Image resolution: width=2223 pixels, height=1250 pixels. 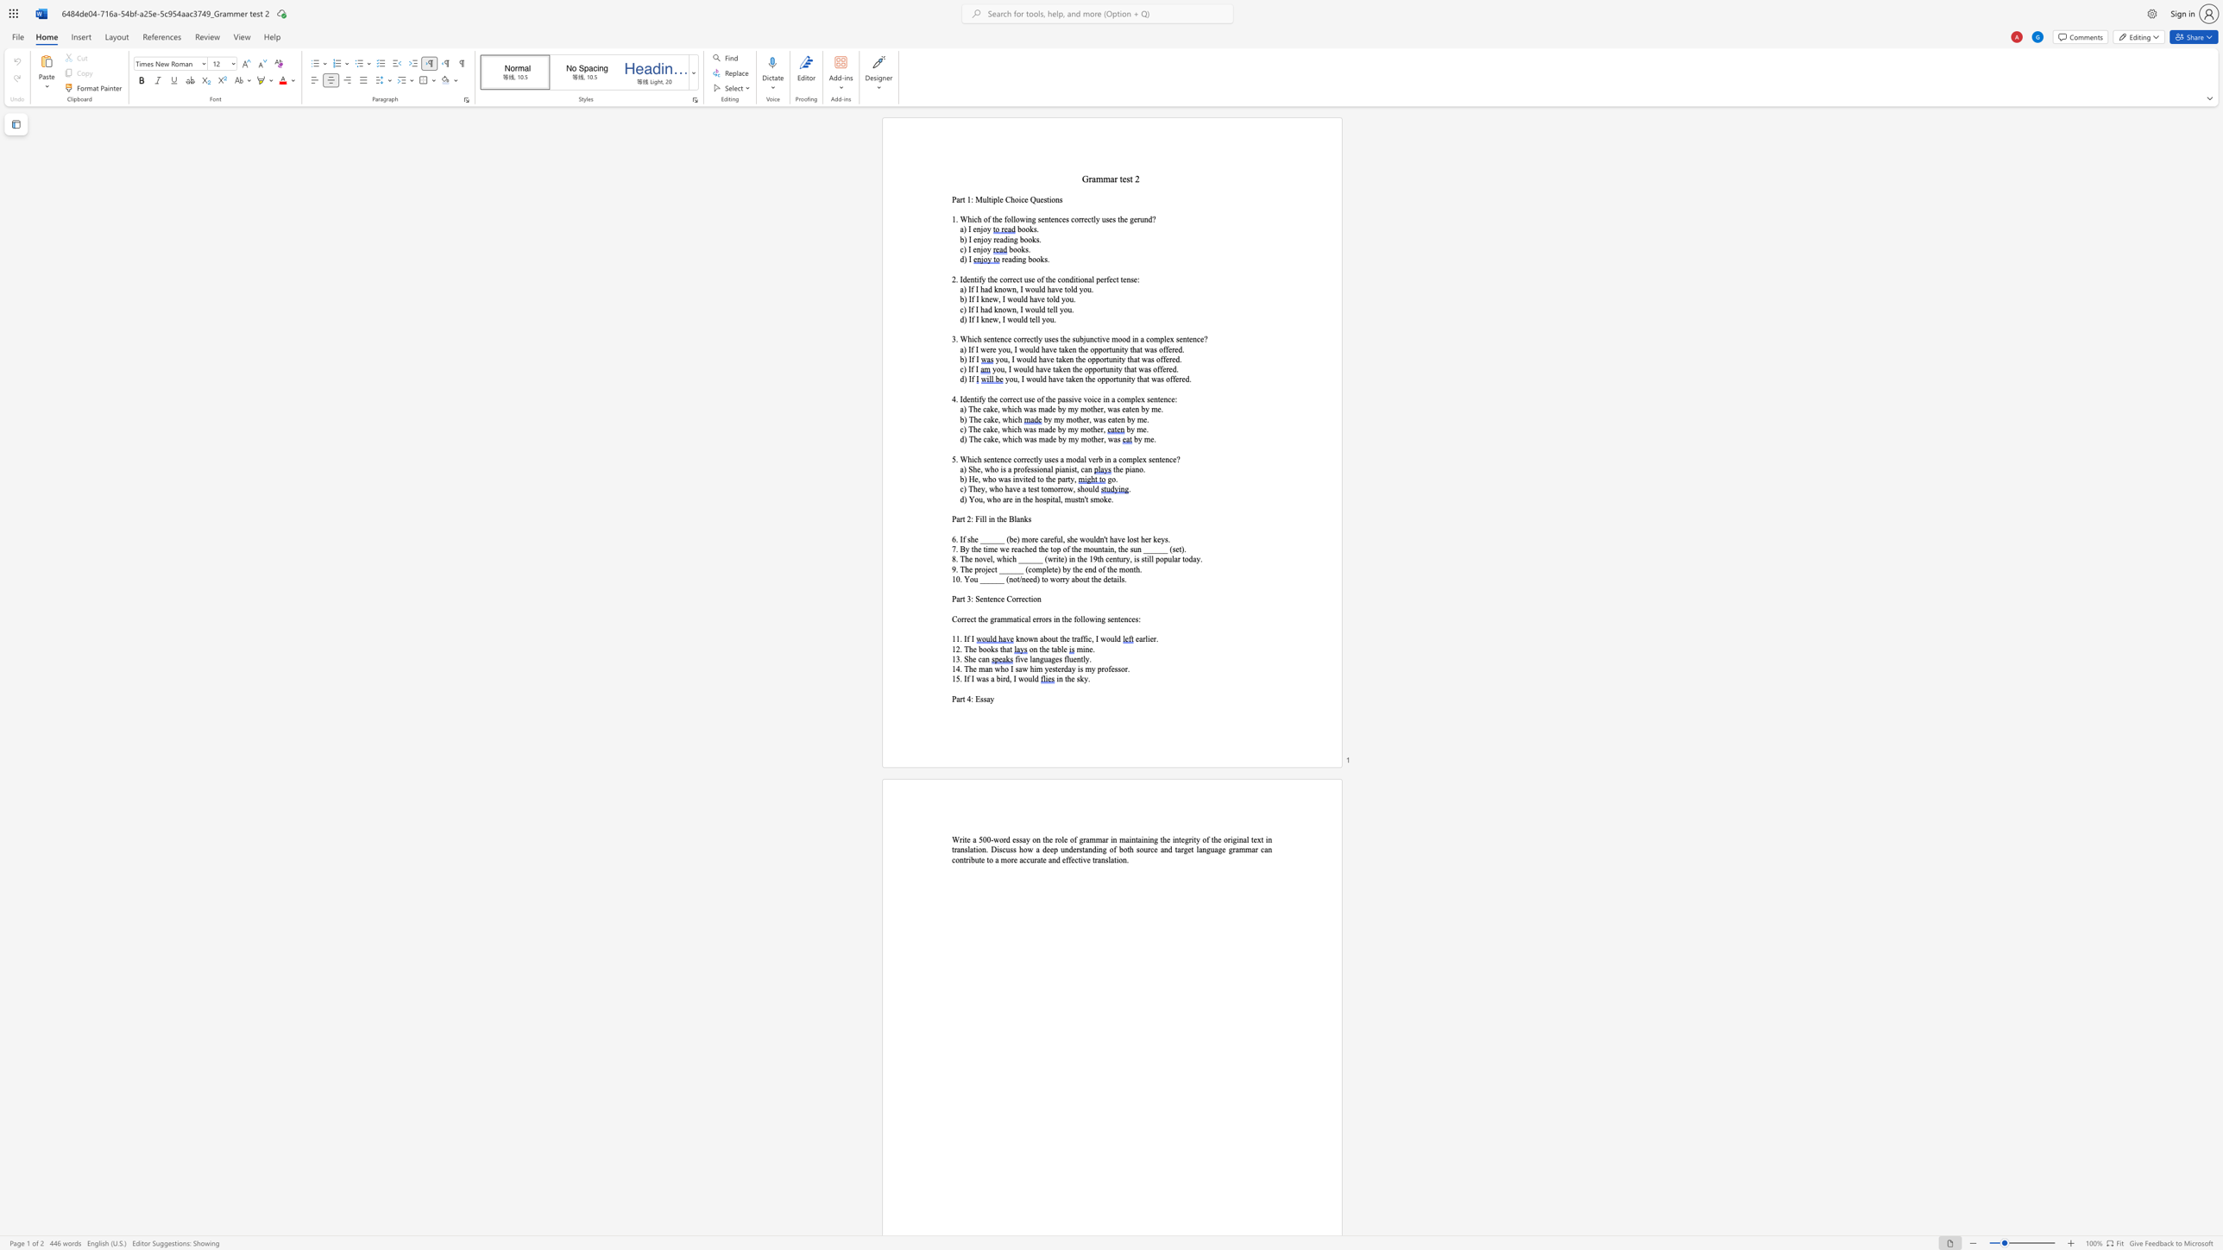 What do you see at coordinates (986, 229) in the screenshot?
I see `the space between the continuous character "o" and "y" in the text` at bounding box center [986, 229].